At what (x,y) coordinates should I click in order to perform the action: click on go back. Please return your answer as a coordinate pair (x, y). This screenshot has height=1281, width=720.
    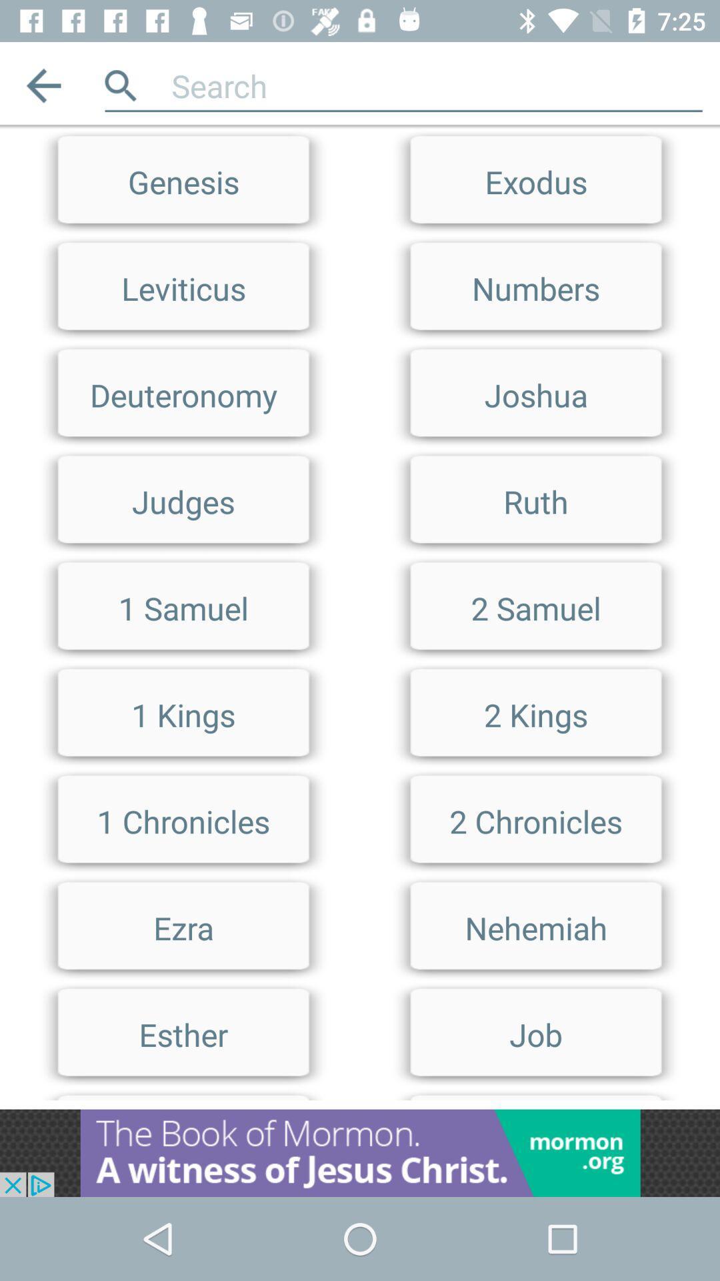
    Looking at the image, I should click on (43, 85).